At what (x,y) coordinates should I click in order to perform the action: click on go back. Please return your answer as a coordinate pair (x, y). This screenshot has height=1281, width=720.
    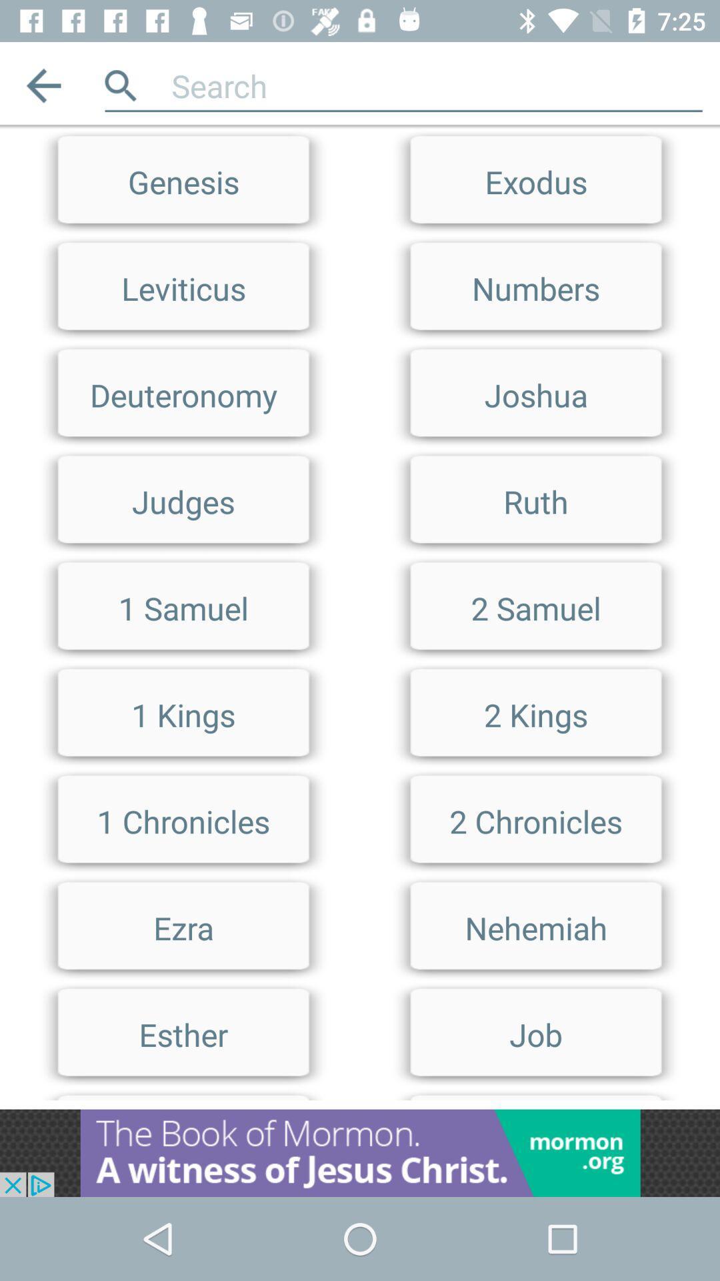
    Looking at the image, I should click on (43, 85).